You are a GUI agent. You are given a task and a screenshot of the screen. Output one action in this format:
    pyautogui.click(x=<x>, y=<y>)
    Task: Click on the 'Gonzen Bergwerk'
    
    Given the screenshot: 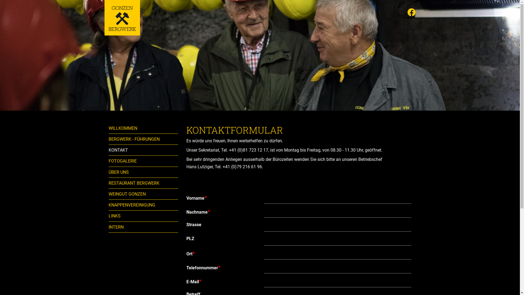 What is the action you would take?
    pyautogui.click(x=104, y=17)
    